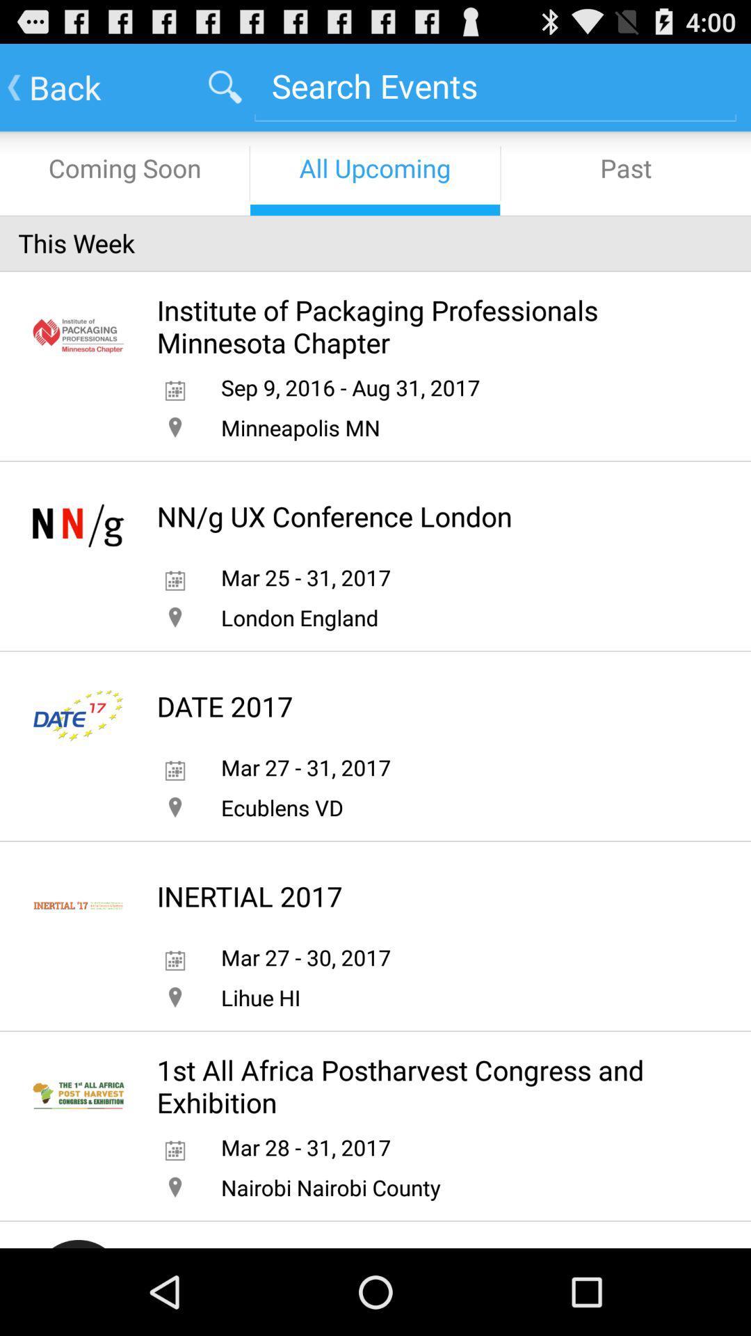 This screenshot has height=1336, width=751. Describe the element at coordinates (350, 387) in the screenshot. I see `sep 9 2016 app` at that location.